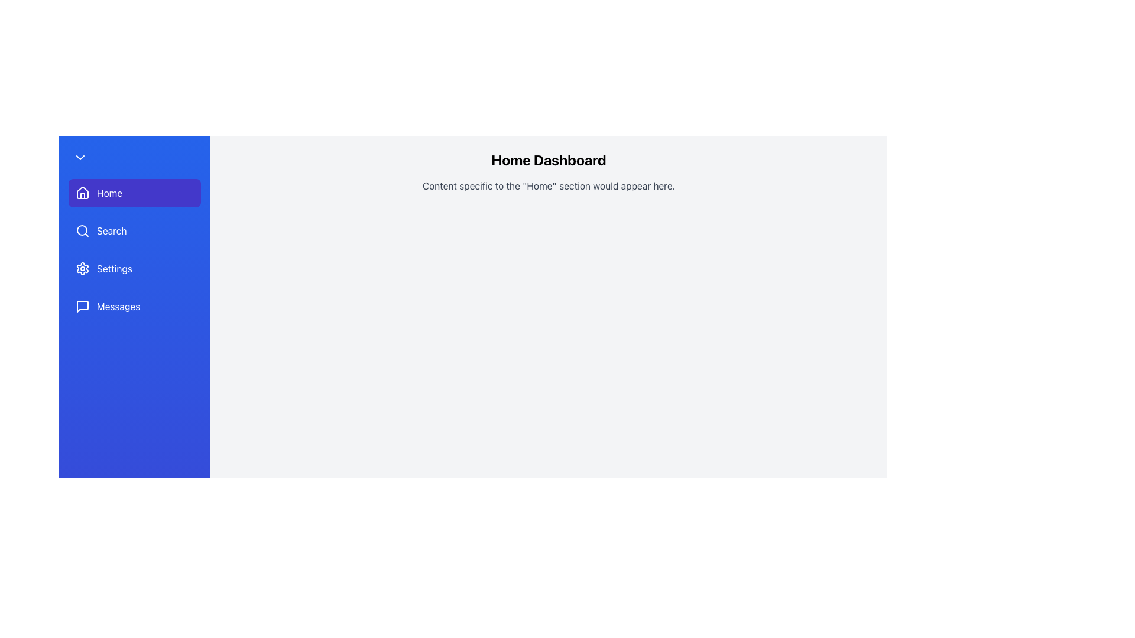 This screenshot has width=1135, height=638. I want to click on the 'Search' option, so click(134, 249).